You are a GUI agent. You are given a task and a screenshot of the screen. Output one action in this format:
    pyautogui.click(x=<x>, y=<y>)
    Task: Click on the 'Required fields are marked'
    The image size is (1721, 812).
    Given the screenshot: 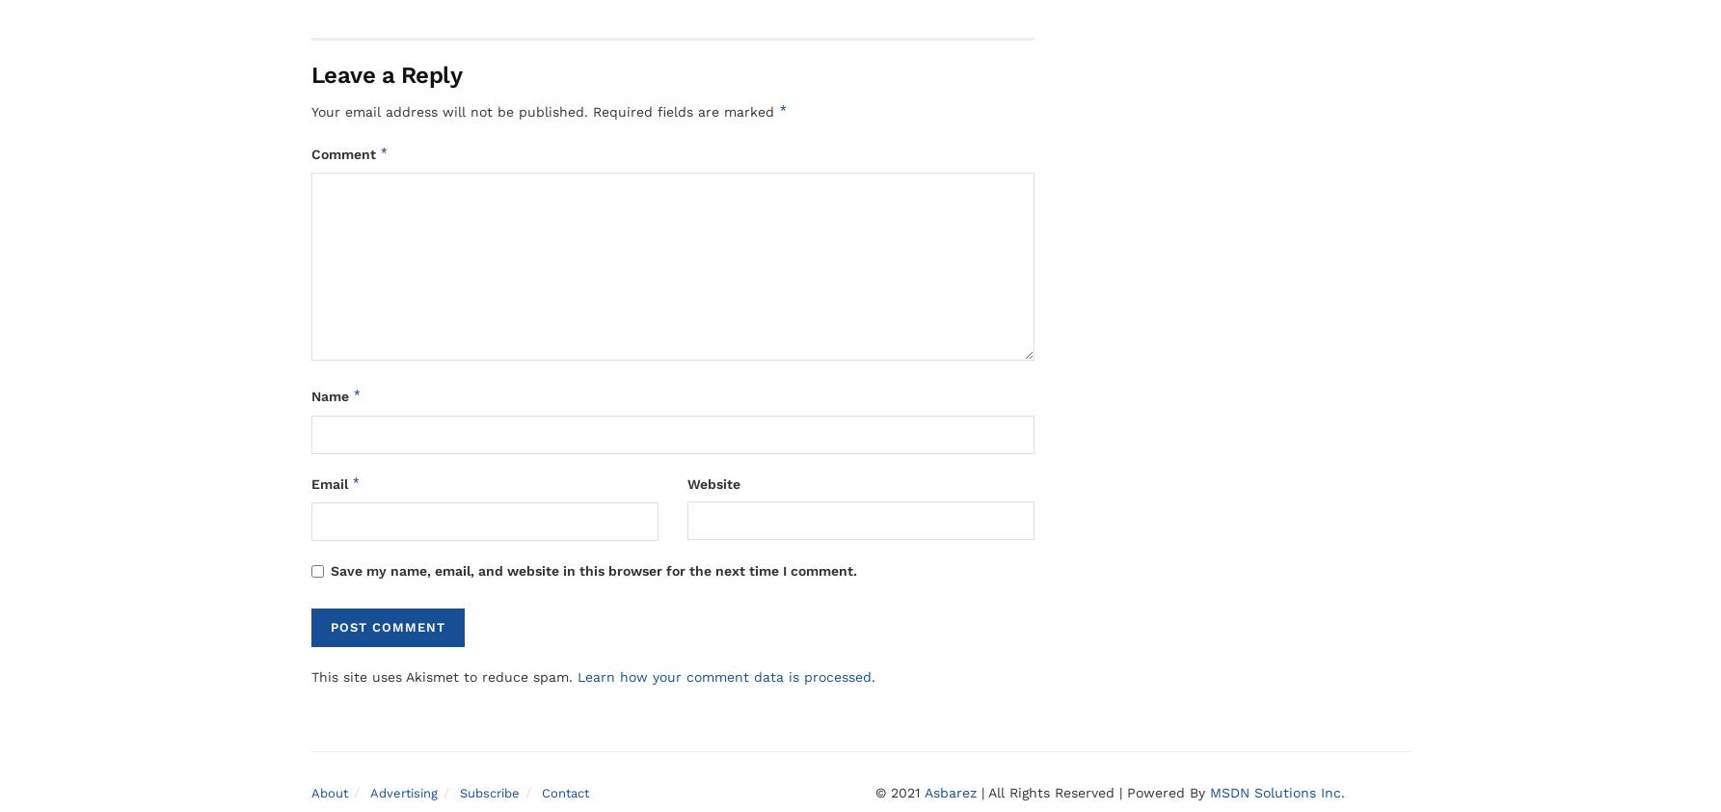 What is the action you would take?
    pyautogui.click(x=684, y=111)
    